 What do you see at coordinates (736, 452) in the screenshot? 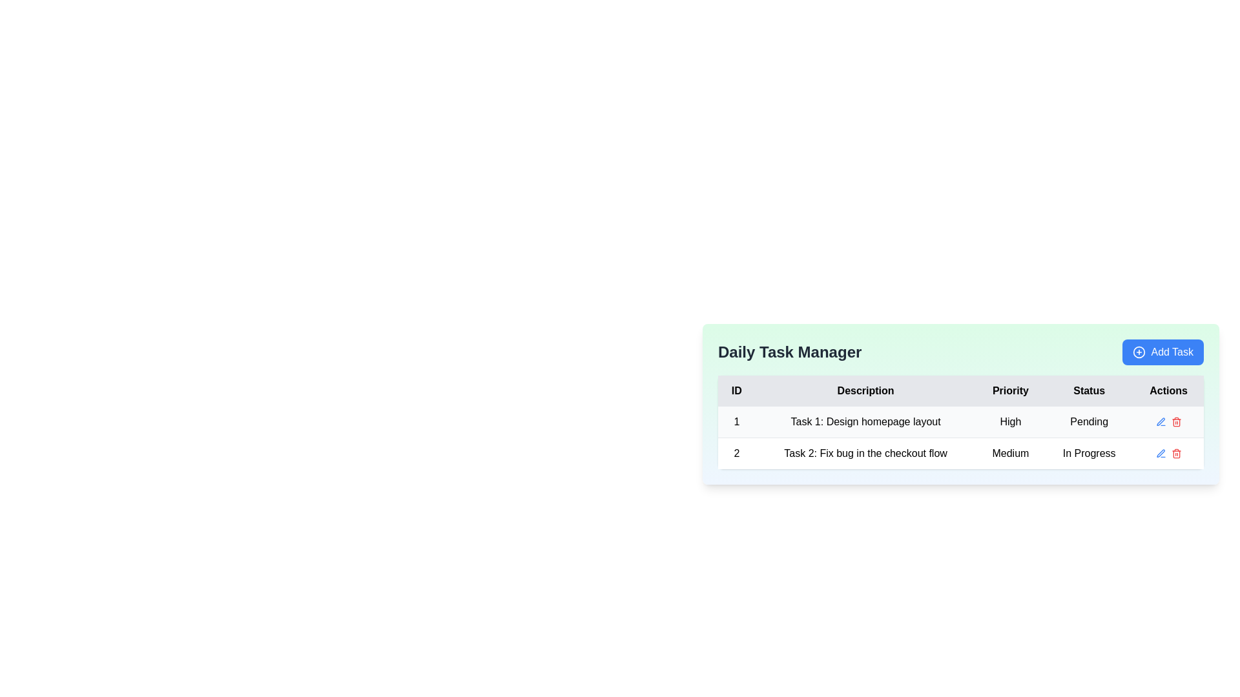
I see `the Text label displaying the identifier of the task in the first cell of the second row in the 'Daily Task Manager' table` at bounding box center [736, 452].